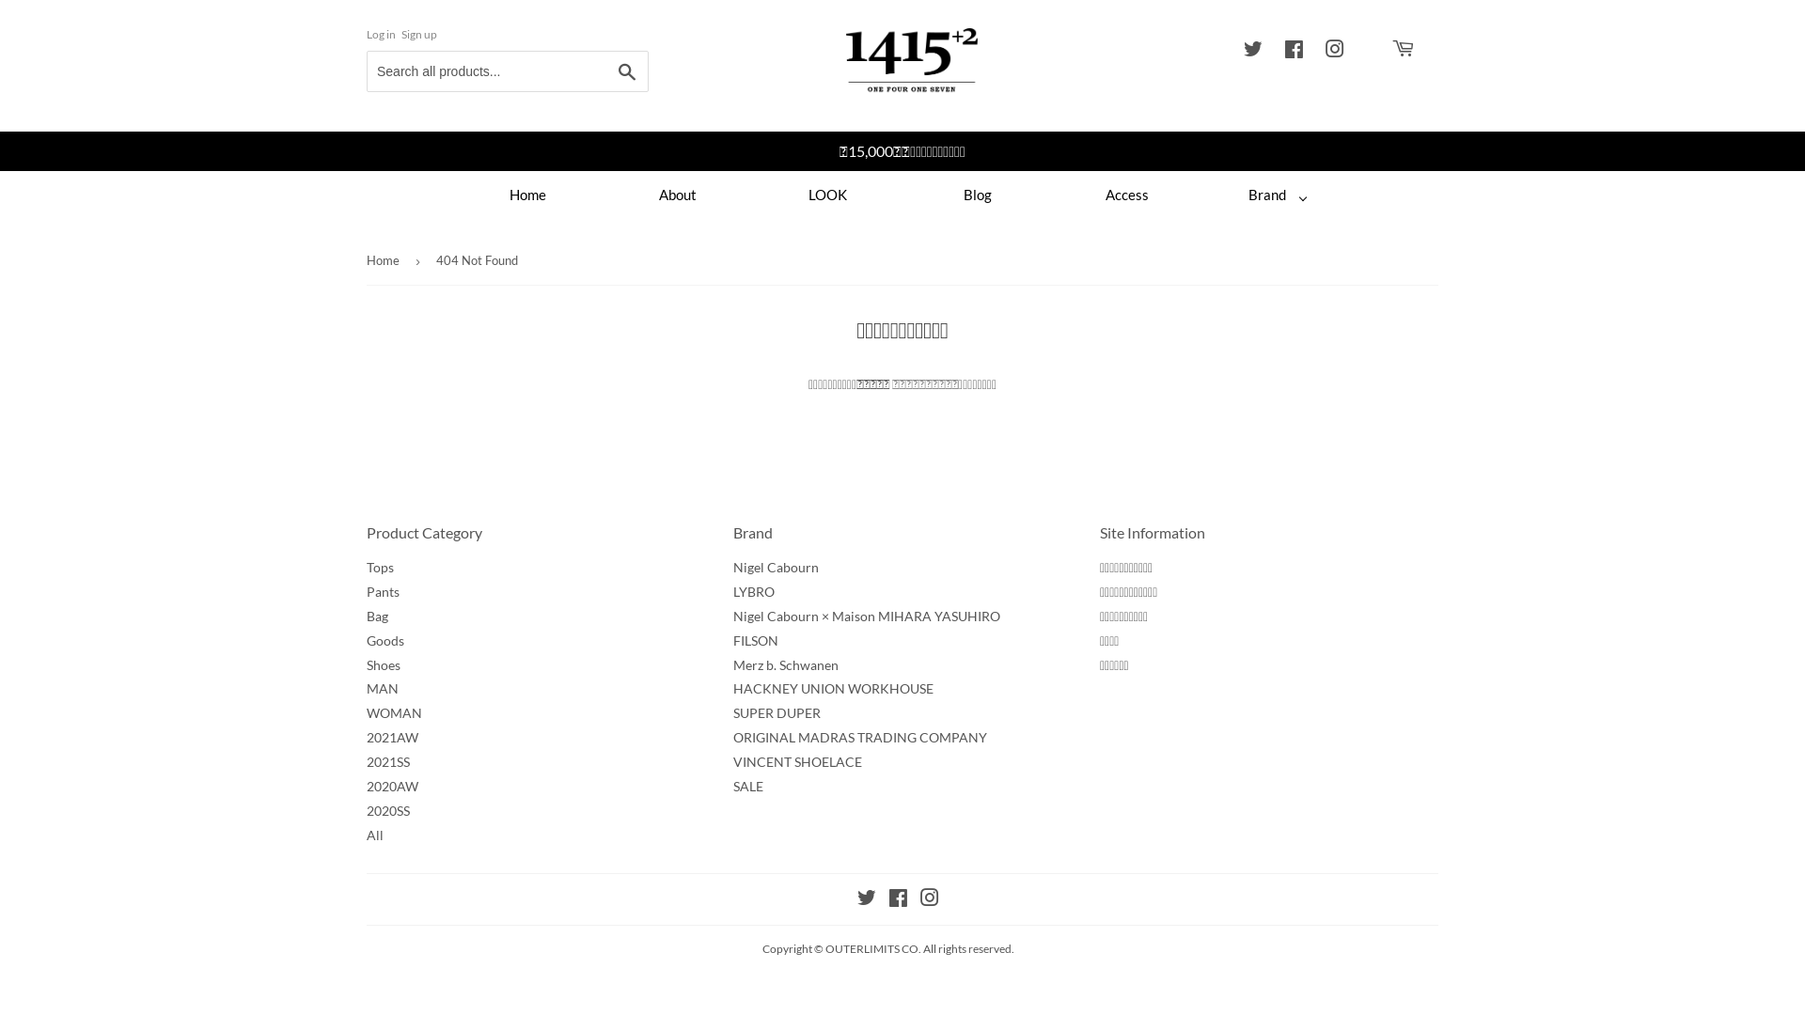 The height and width of the screenshot is (1015, 1805). What do you see at coordinates (753, 590) in the screenshot?
I see `'LYBRO'` at bounding box center [753, 590].